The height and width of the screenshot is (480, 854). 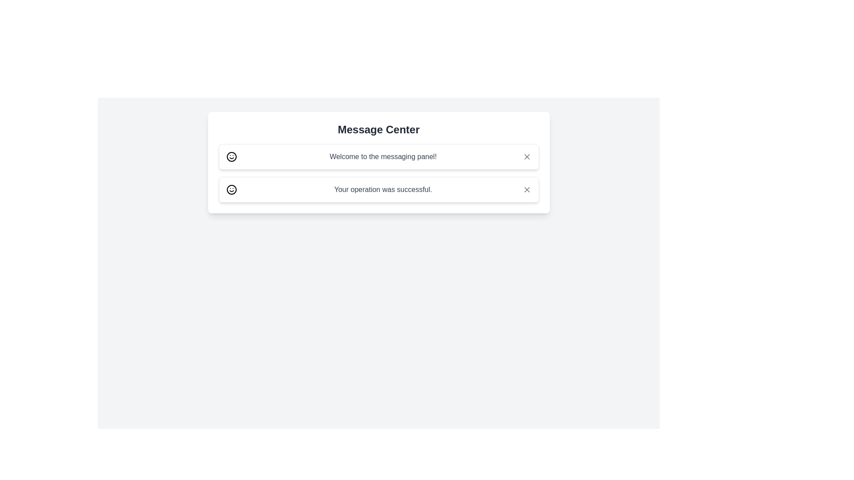 What do you see at coordinates (383, 189) in the screenshot?
I see `the feedback label indicating successful operation completion, located in the second notification card under 'Message Center', right of the green smiley icon and left of the close button` at bounding box center [383, 189].